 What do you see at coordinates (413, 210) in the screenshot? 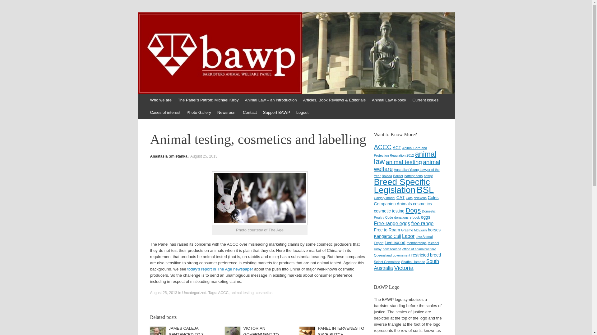
I see `'Dogs'` at bounding box center [413, 210].